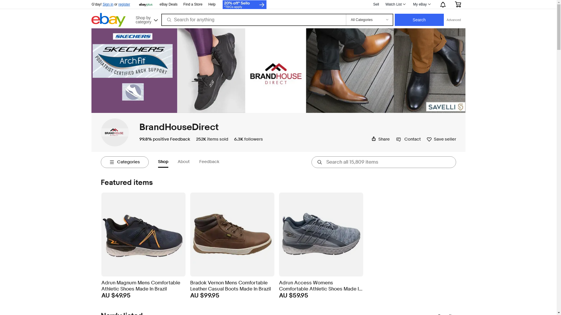 The width and height of the screenshot is (561, 315). What do you see at coordinates (380, 139) in the screenshot?
I see `'Share'` at bounding box center [380, 139].